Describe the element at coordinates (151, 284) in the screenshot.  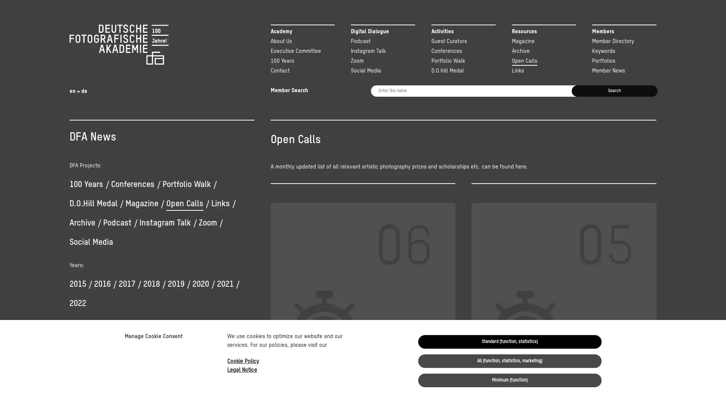
I see `2018` at that location.